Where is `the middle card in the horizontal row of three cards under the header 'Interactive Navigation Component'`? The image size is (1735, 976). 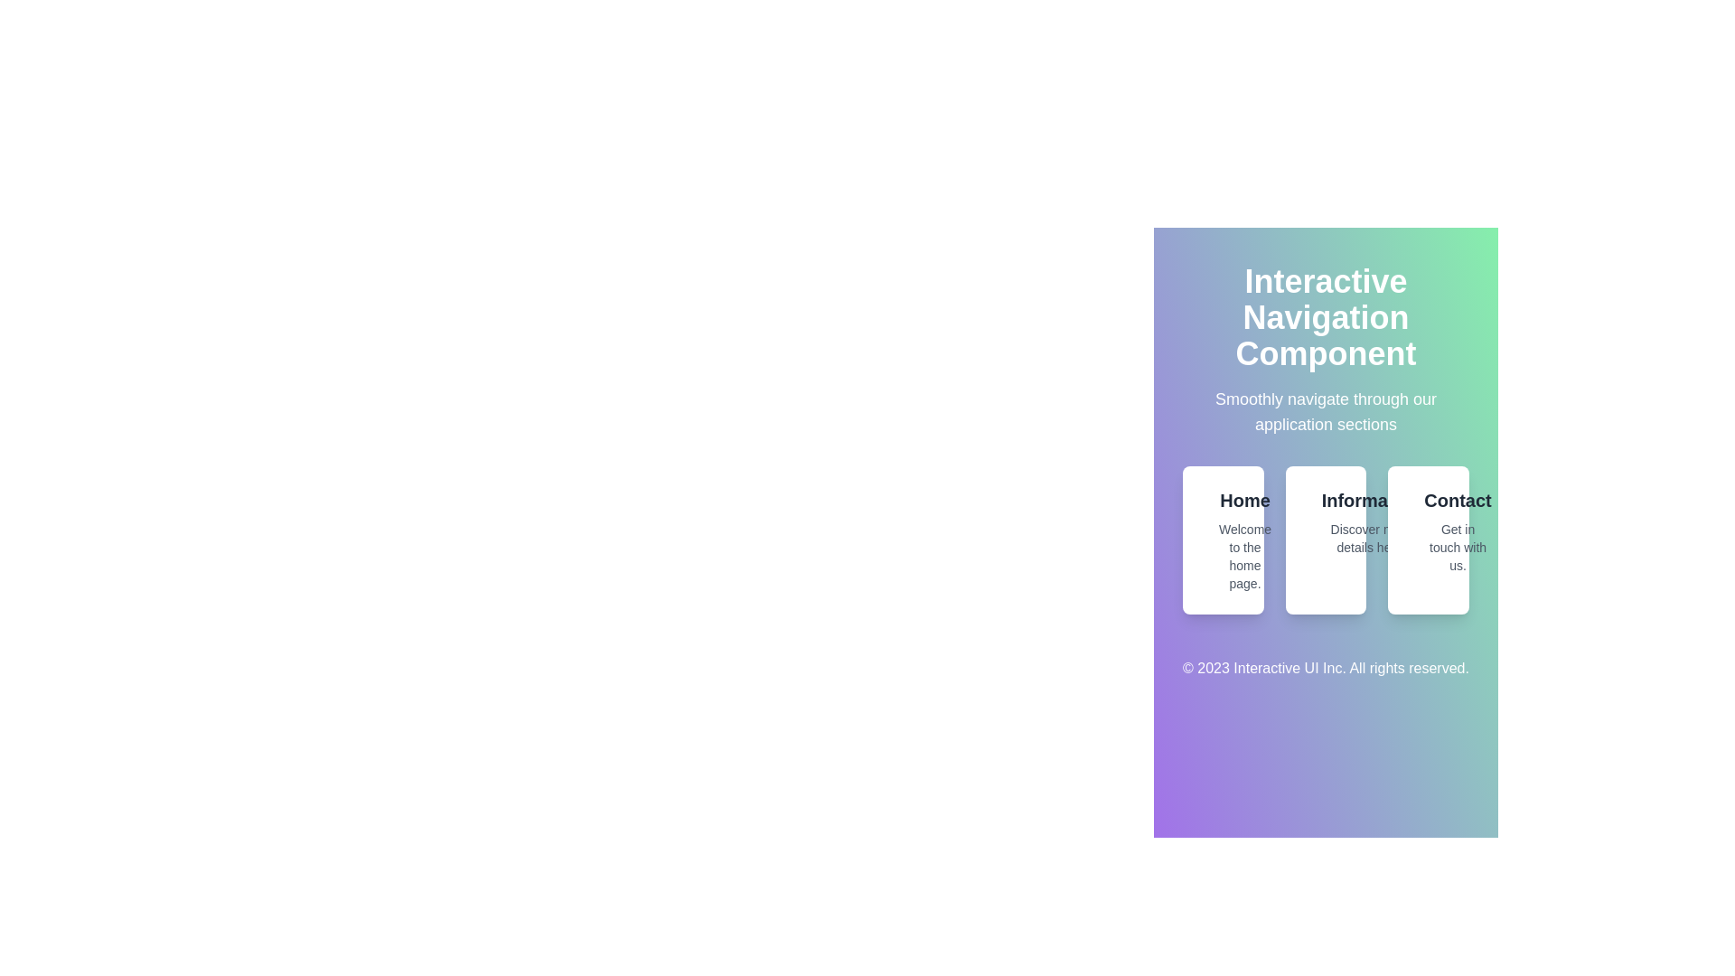 the middle card in the horizontal row of three cards under the header 'Interactive Navigation Component' is located at coordinates (1326, 539).